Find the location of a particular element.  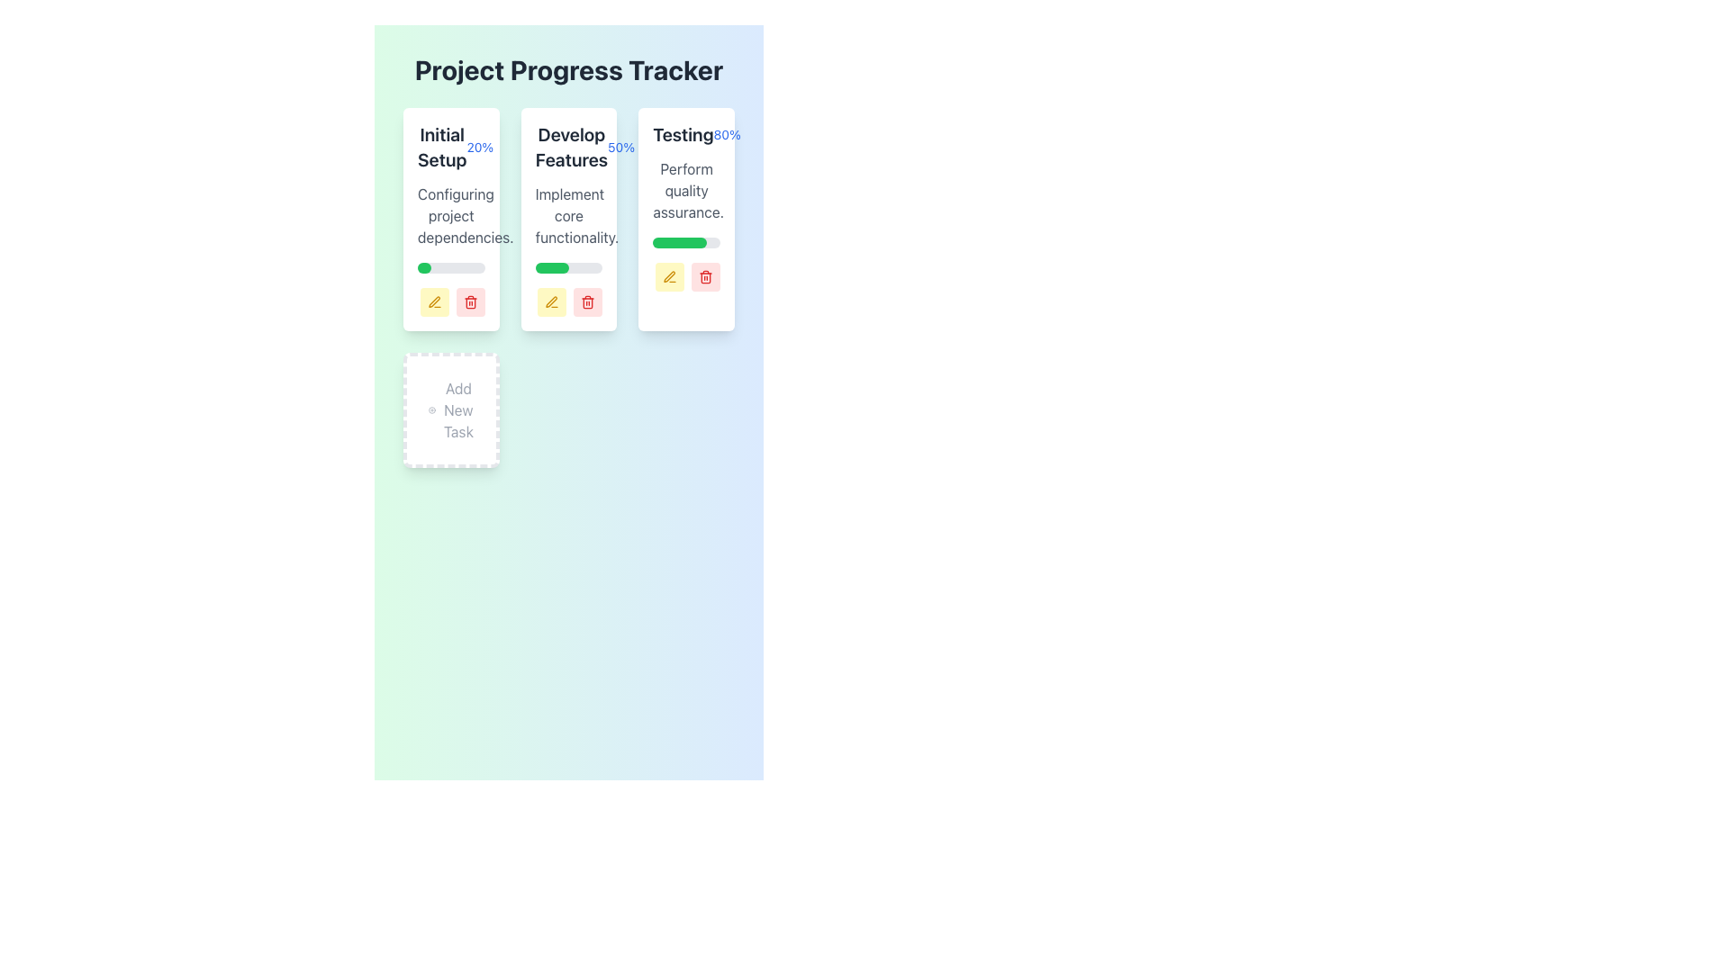

the edit button in the Progress Tracker Block for the 'Develop Features' stage to modify the entry is located at coordinates (568, 287).